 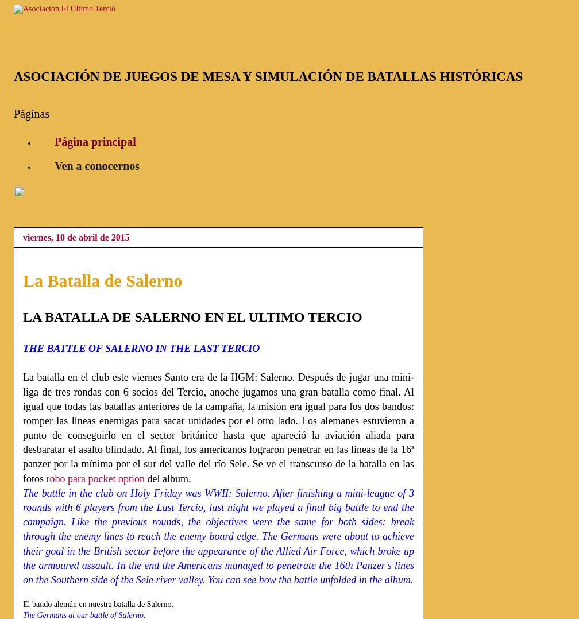 I want to click on 'Página principal', so click(x=95, y=141).